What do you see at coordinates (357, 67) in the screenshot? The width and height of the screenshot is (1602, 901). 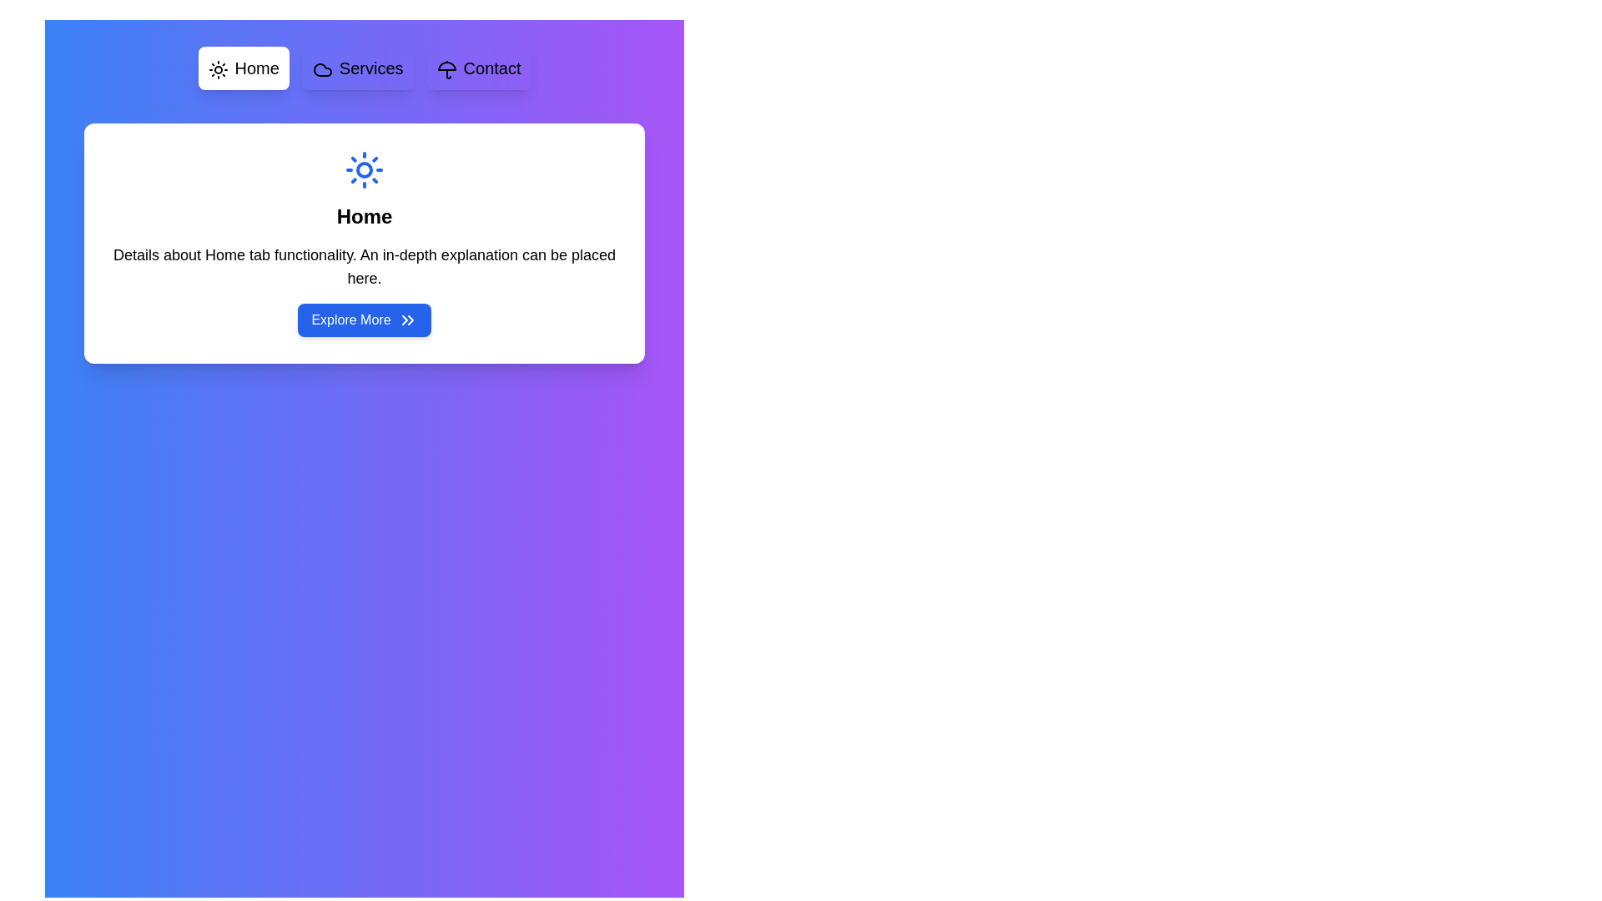 I see `the navigation button for services, located between the 'Home' and 'Contact' buttons in the top section of the page` at bounding box center [357, 67].